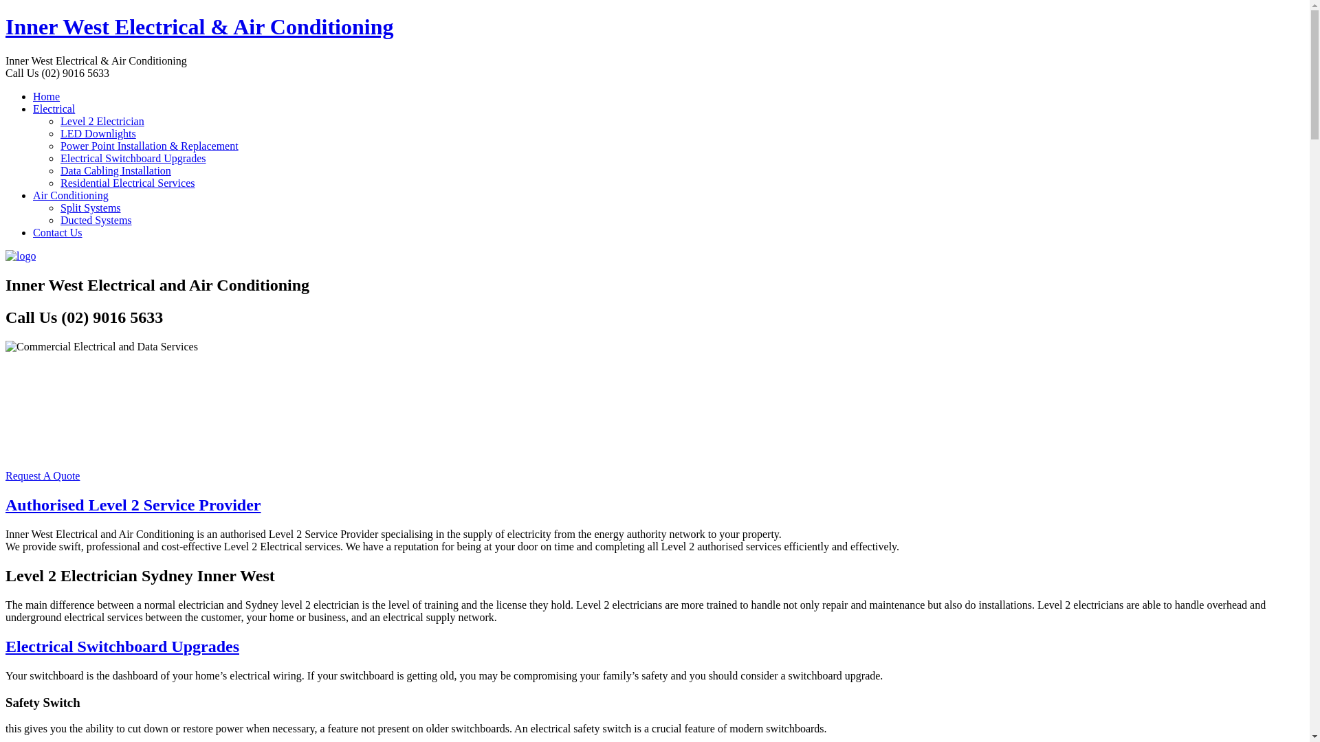 The height and width of the screenshot is (742, 1320). Describe the element at coordinates (54, 108) in the screenshot. I see `'Electrical'` at that location.